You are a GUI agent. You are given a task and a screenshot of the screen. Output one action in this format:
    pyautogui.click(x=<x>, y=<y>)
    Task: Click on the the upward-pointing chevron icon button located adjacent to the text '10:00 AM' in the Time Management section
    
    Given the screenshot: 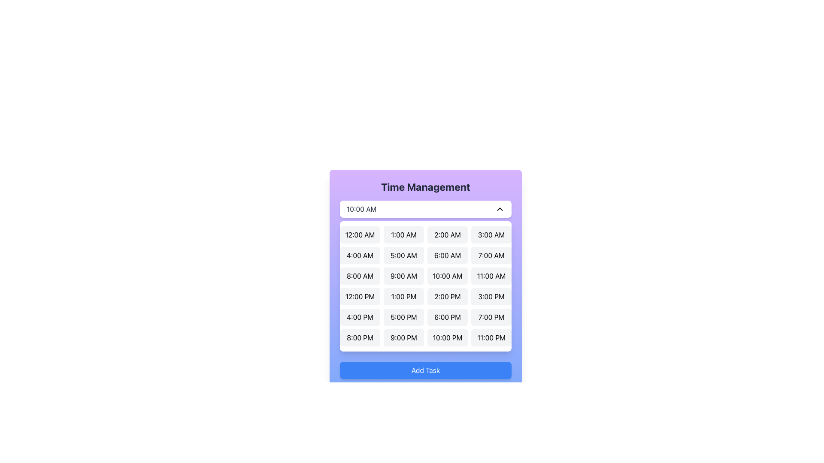 What is the action you would take?
    pyautogui.click(x=500, y=209)
    